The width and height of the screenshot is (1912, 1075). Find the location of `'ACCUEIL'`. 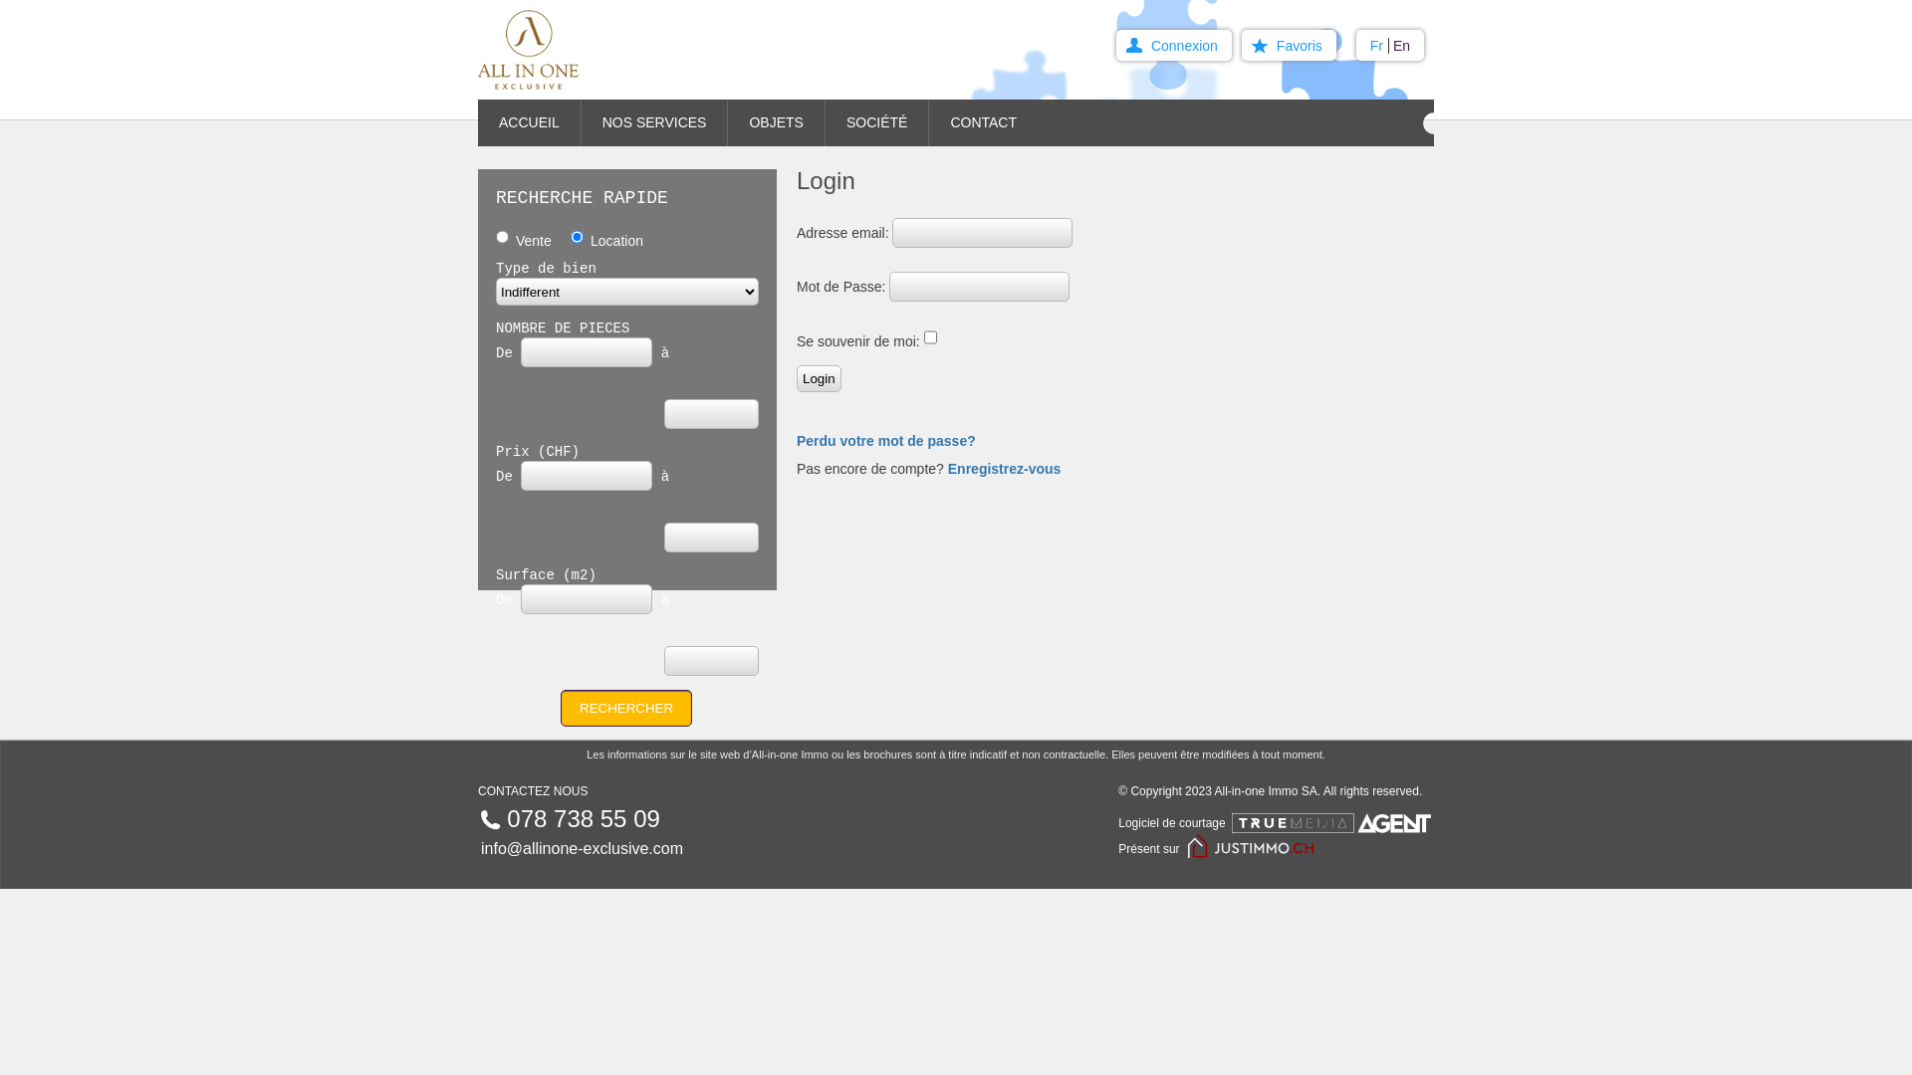

'ACCUEIL' is located at coordinates (478, 122).